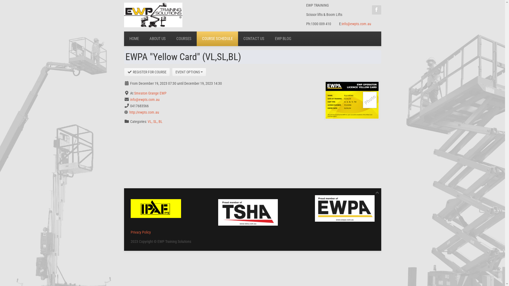  Describe the element at coordinates (124, 38) in the screenshot. I see `'HOME'` at that location.